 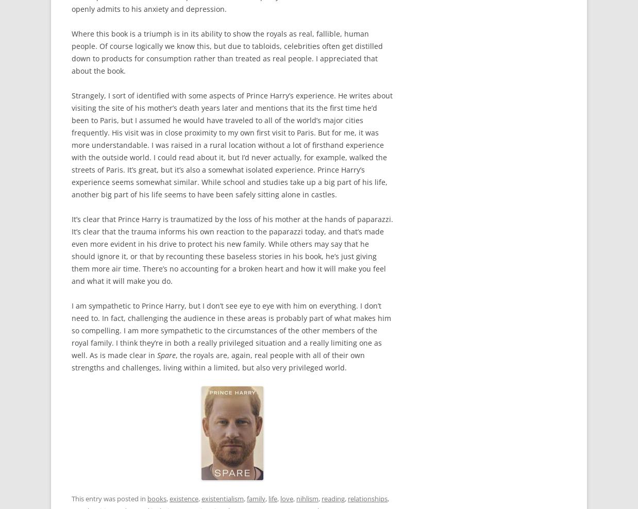 I want to click on 'reading', so click(x=332, y=499).